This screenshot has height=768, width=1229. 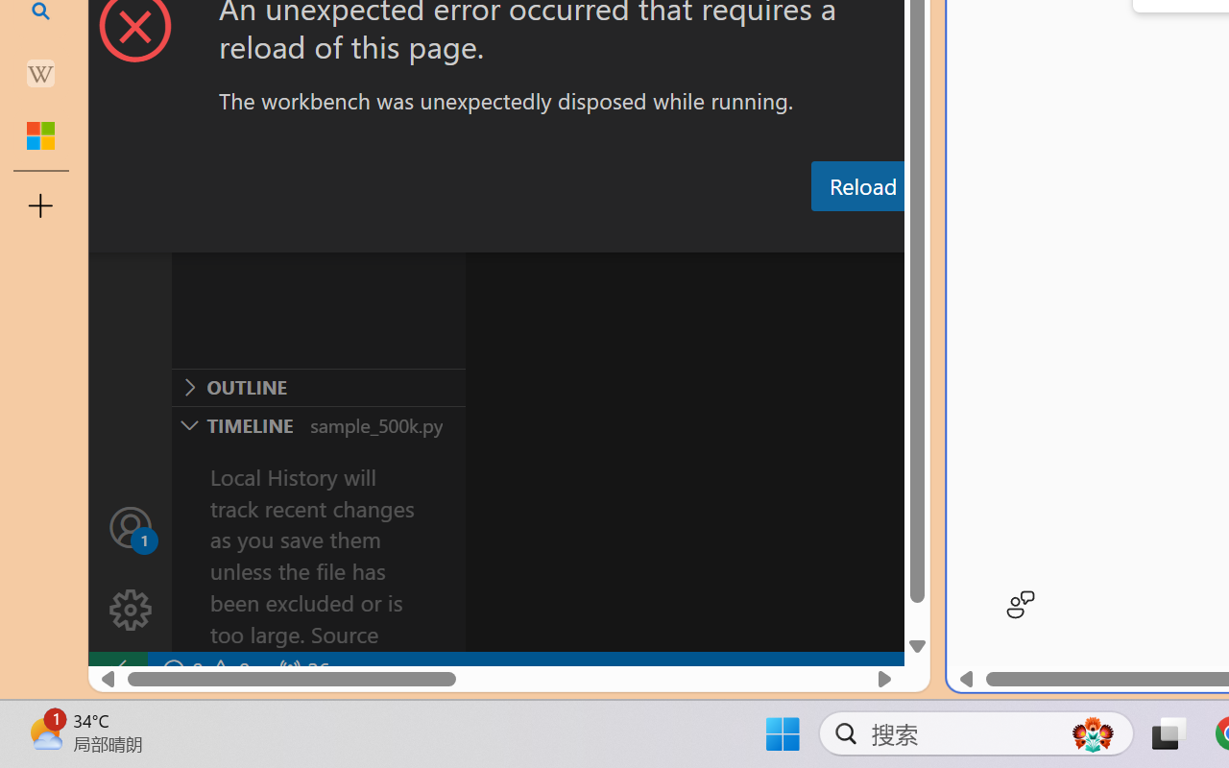 I want to click on 'Accounts - Sign in requested', so click(x=129, y=526).